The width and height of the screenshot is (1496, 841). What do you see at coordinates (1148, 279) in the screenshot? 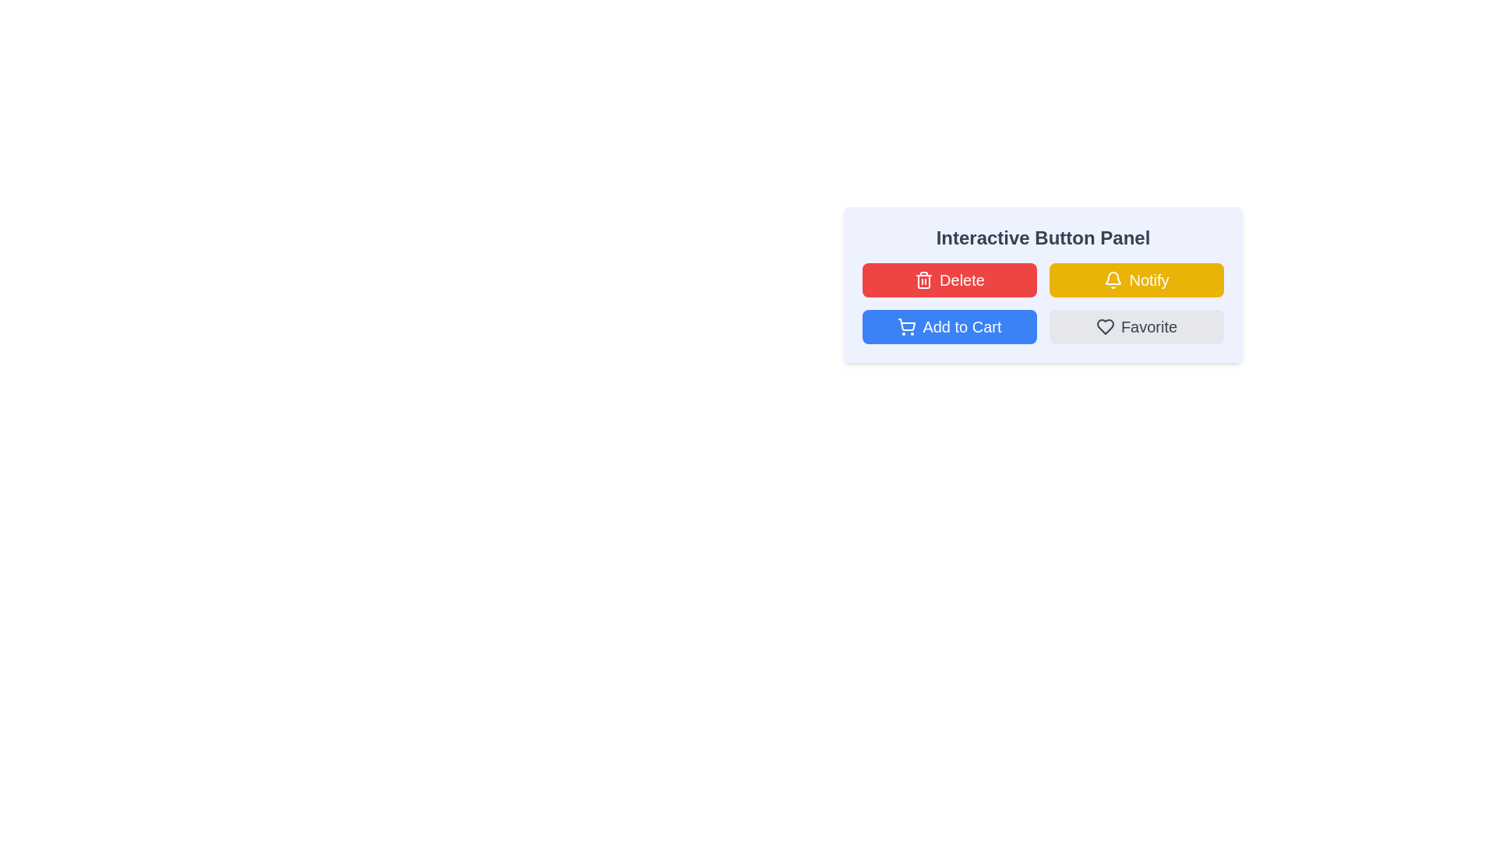
I see `the 'Notify' button, which is styled with a white font on a yellow background and features a bell icon, located in the top-right section of the button panel` at bounding box center [1148, 279].